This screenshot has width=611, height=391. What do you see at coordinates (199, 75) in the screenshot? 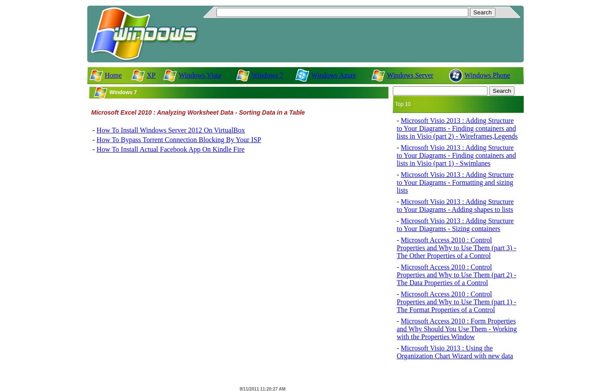
I see `'Windows Vista'` at bounding box center [199, 75].